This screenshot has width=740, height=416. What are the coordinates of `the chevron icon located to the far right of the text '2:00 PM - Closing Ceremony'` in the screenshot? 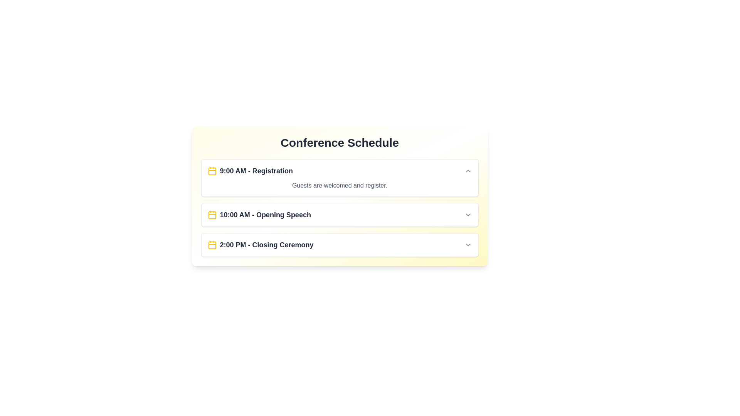 It's located at (468, 245).